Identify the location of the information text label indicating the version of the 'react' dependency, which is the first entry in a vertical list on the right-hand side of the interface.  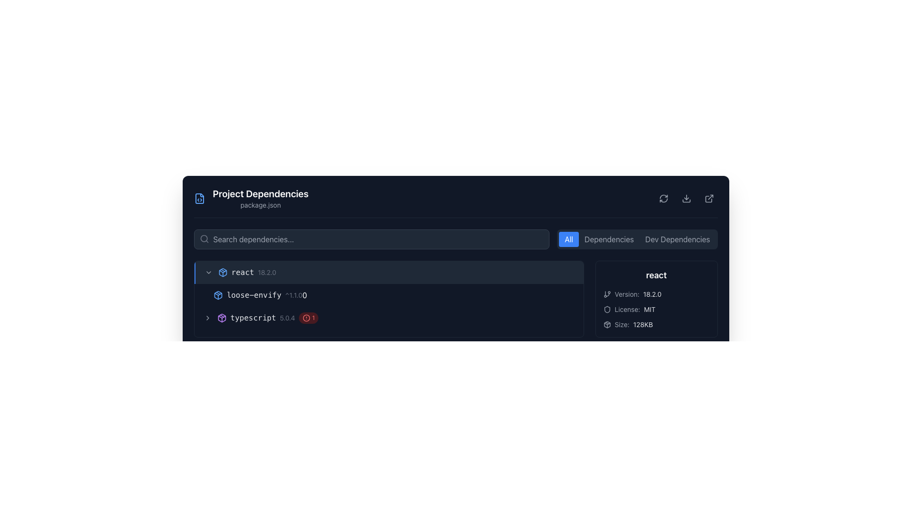
(656, 294).